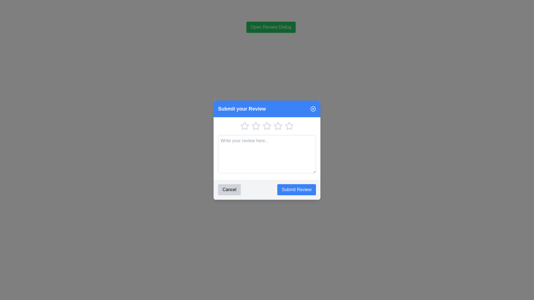 Image resolution: width=534 pixels, height=300 pixels. I want to click on the textarea input field, so click(267, 154).